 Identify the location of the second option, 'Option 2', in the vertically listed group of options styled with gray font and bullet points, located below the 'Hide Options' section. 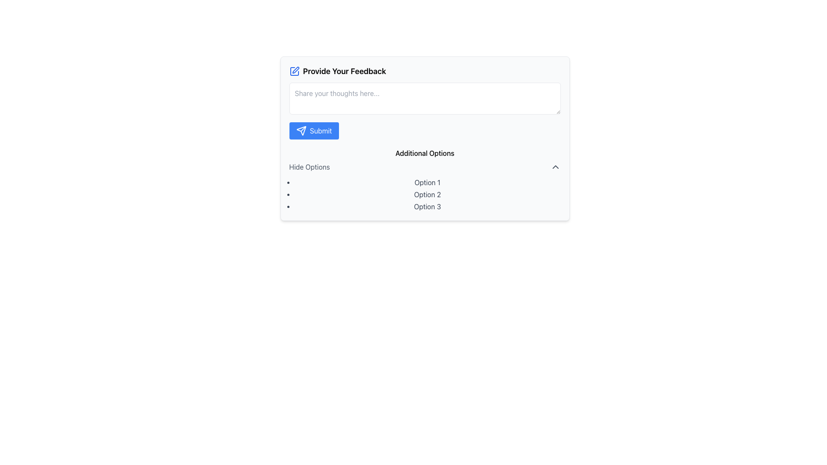
(425, 194).